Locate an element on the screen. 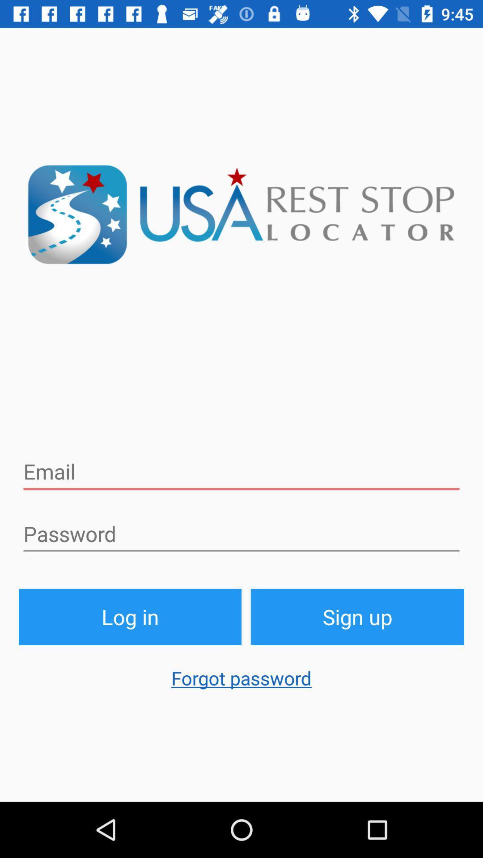 The height and width of the screenshot is (858, 483). the sign up button is located at coordinates (357, 616).